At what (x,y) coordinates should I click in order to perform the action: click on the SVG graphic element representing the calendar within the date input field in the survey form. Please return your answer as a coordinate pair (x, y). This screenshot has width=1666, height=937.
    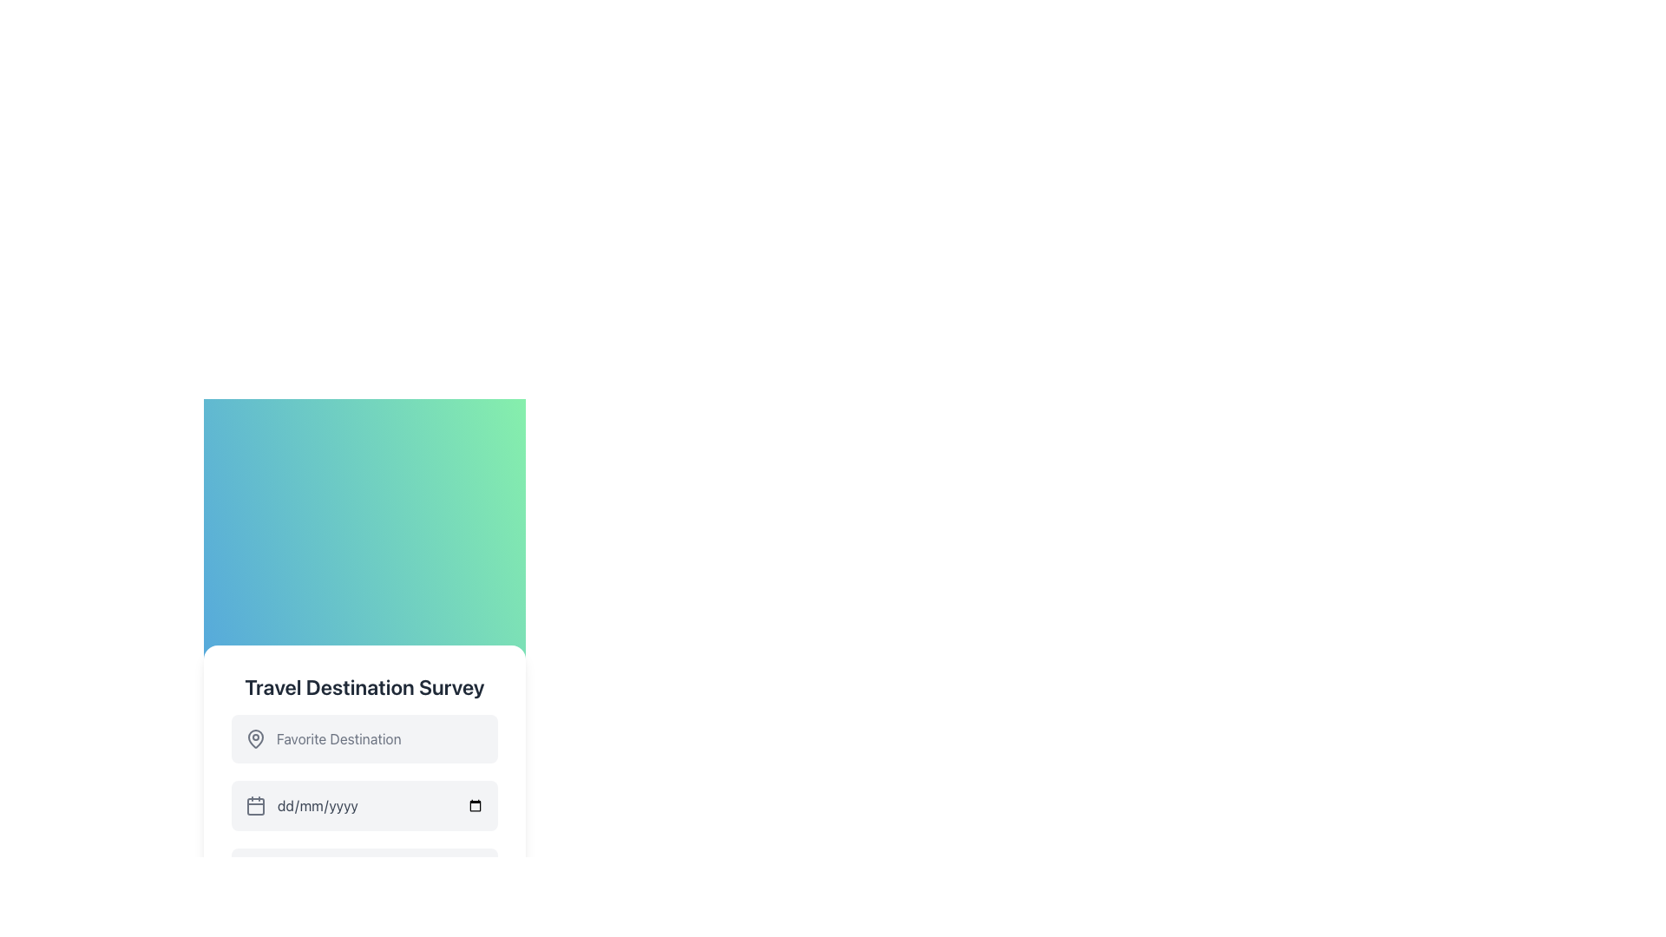
    Looking at the image, I should click on (254, 806).